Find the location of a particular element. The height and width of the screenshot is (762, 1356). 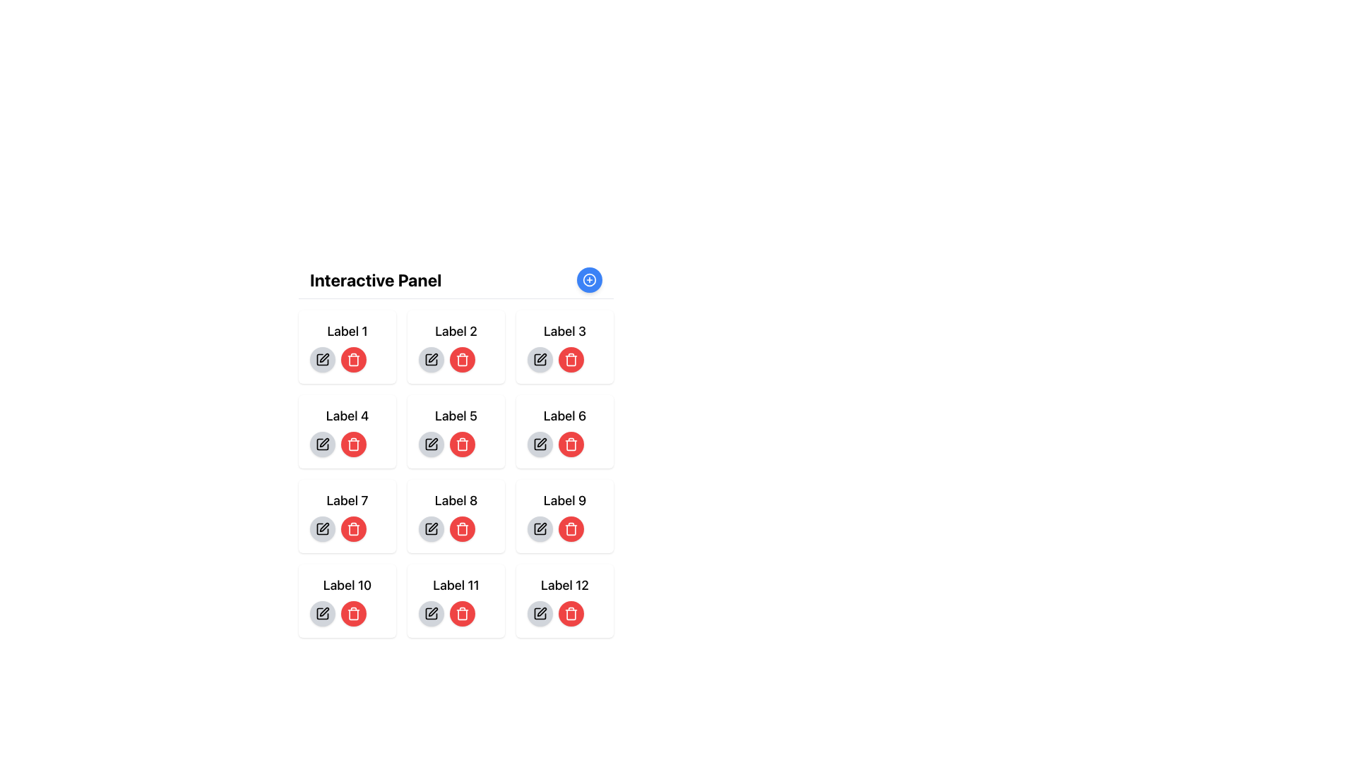

the delete icon button located in the second row and second column of the grid under the 'Interactive Panel' heading is located at coordinates (353, 443).